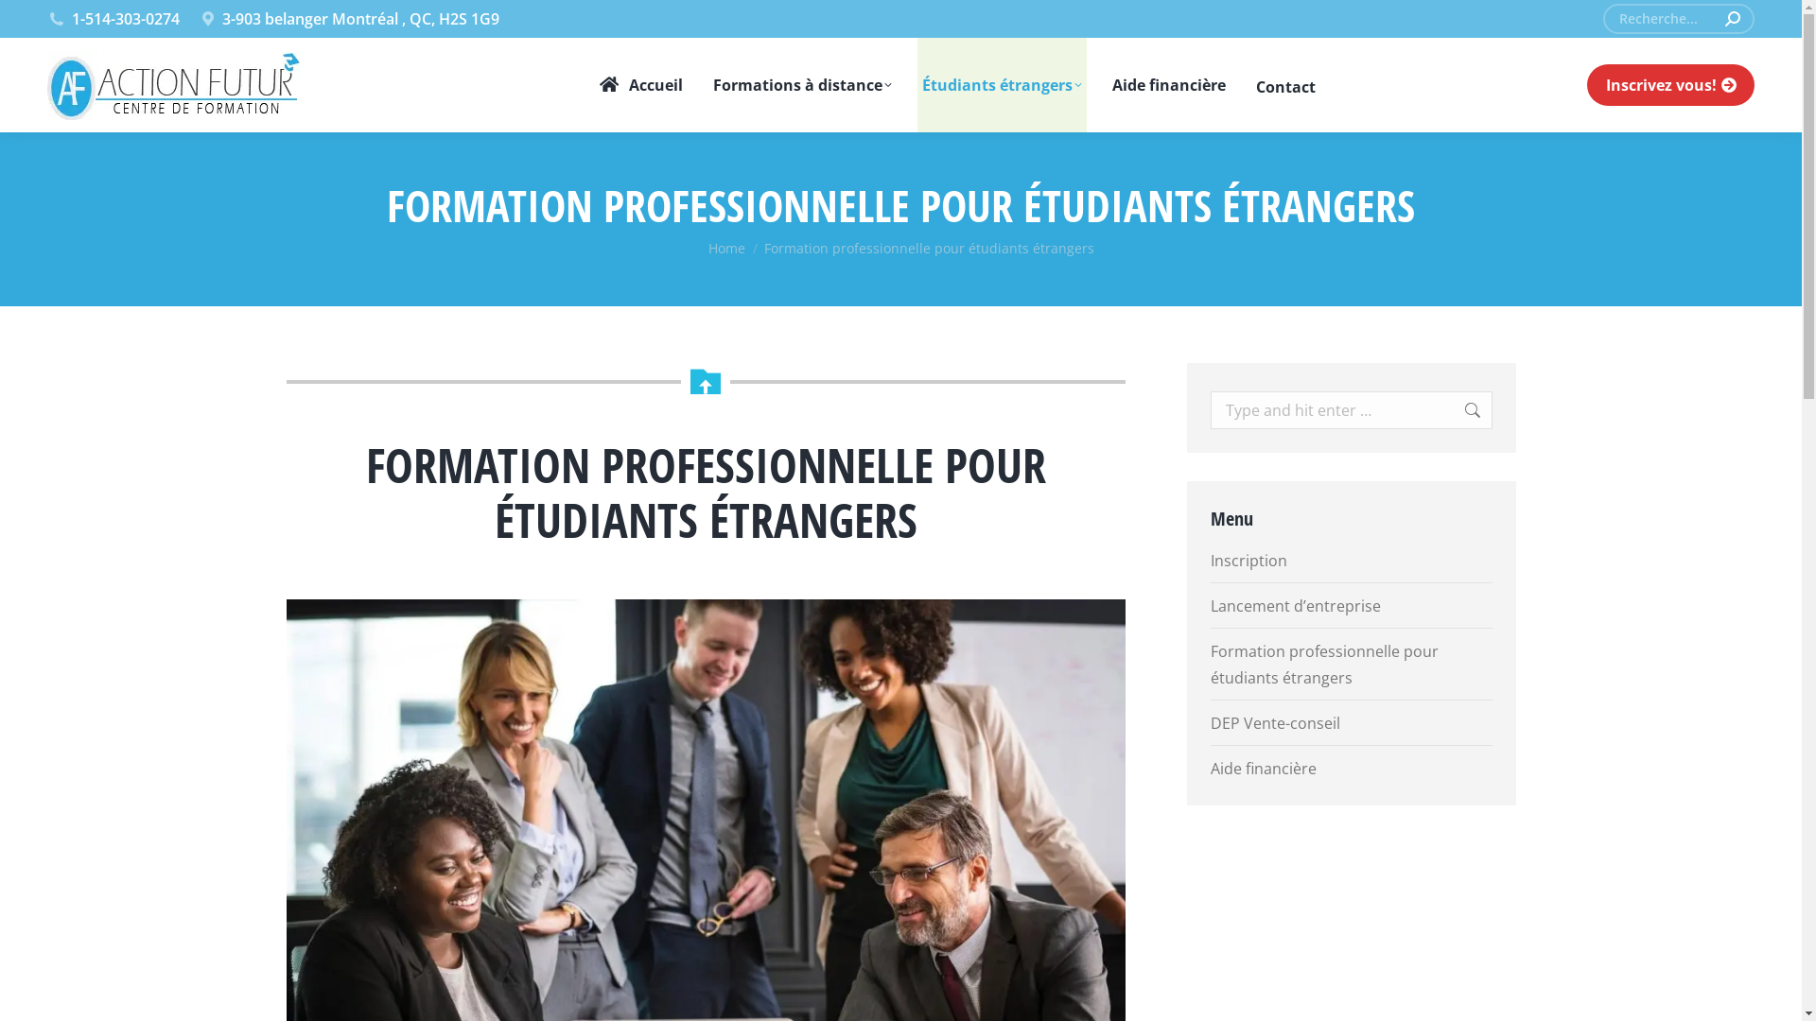 Image resolution: width=1816 pixels, height=1021 pixels. Describe the element at coordinates (639, 83) in the screenshot. I see `'Accueil'` at that location.